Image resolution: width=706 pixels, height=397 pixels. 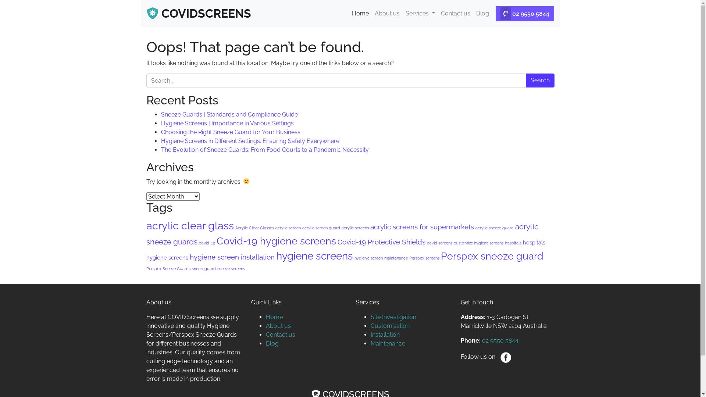 What do you see at coordinates (389, 325) in the screenshot?
I see `'Customisation'` at bounding box center [389, 325].